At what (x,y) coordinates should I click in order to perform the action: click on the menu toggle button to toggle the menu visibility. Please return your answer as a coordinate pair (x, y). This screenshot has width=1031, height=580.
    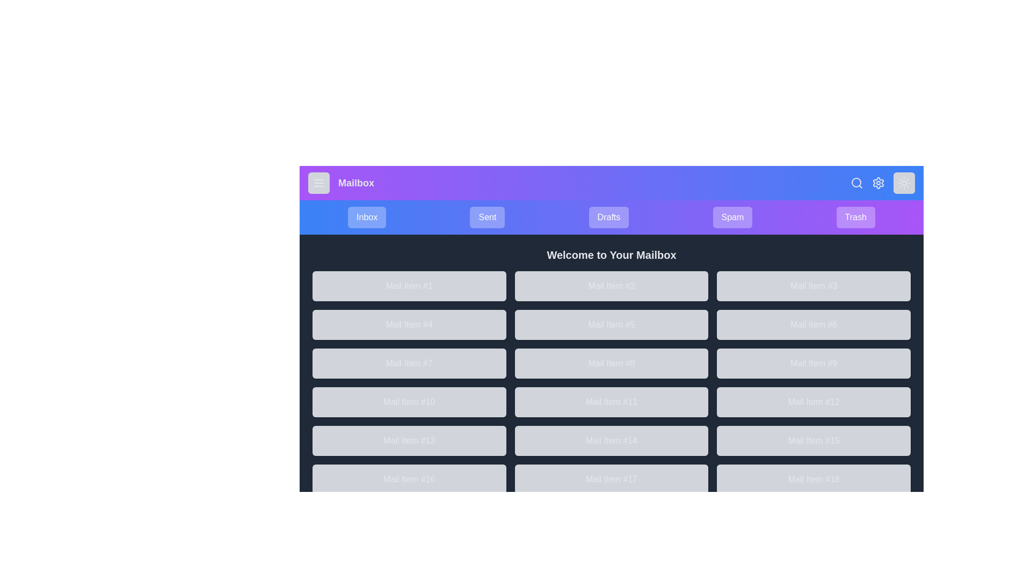
    Looking at the image, I should click on (318, 182).